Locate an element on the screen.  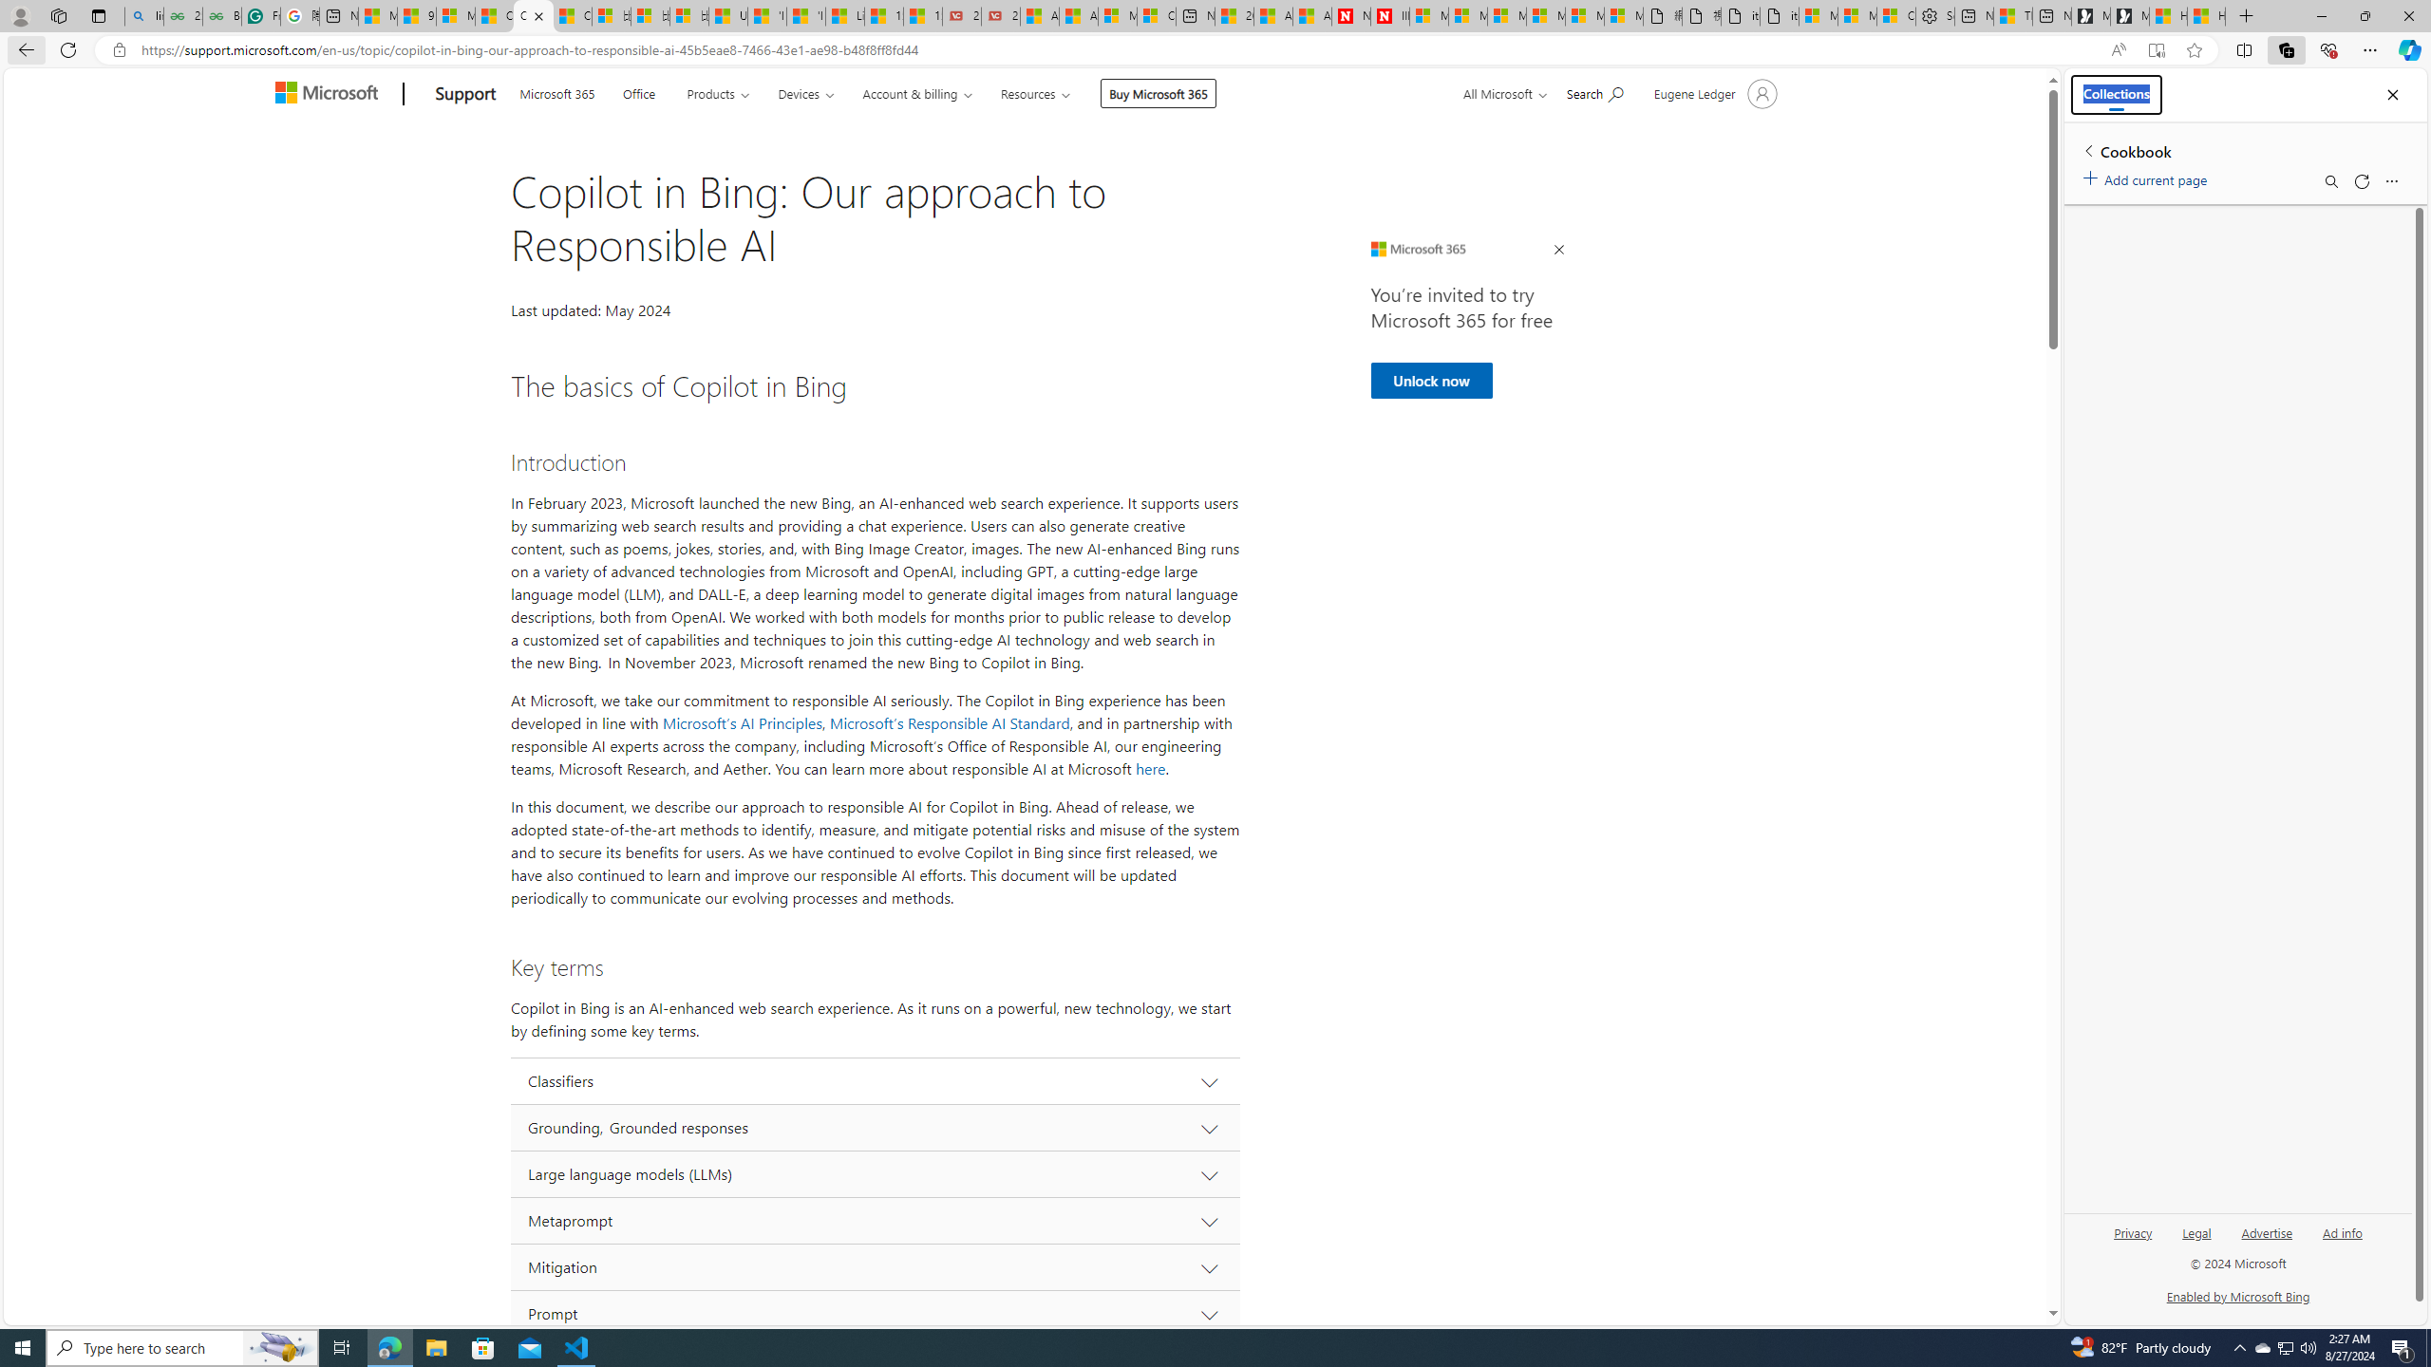
'Free AI Writing Assistance for Students | Grammarly' is located at coordinates (260, 15).